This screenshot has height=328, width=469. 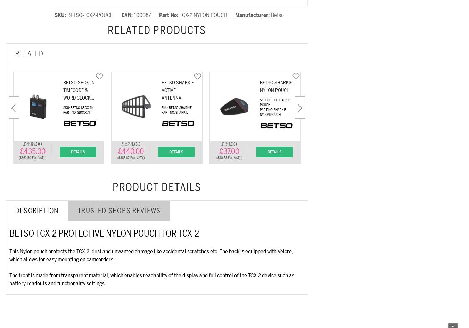 I want to click on 'Description', so click(x=36, y=210).